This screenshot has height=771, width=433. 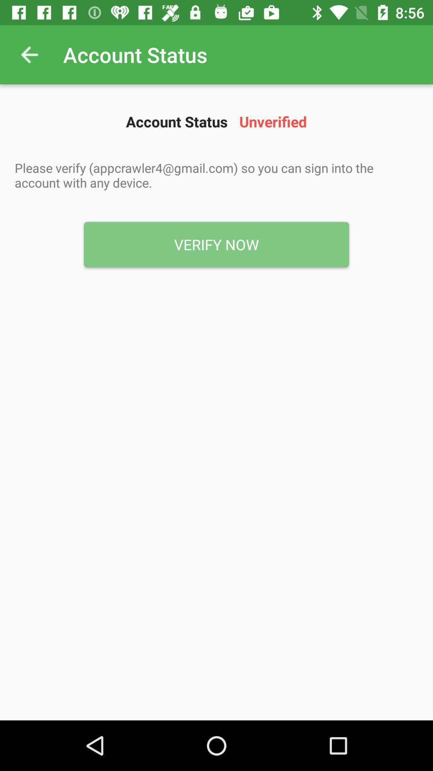 What do you see at coordinates (29, 54) in the screenshot?
I see `icon to the left of the account status app` at bounding box center [29, 54].